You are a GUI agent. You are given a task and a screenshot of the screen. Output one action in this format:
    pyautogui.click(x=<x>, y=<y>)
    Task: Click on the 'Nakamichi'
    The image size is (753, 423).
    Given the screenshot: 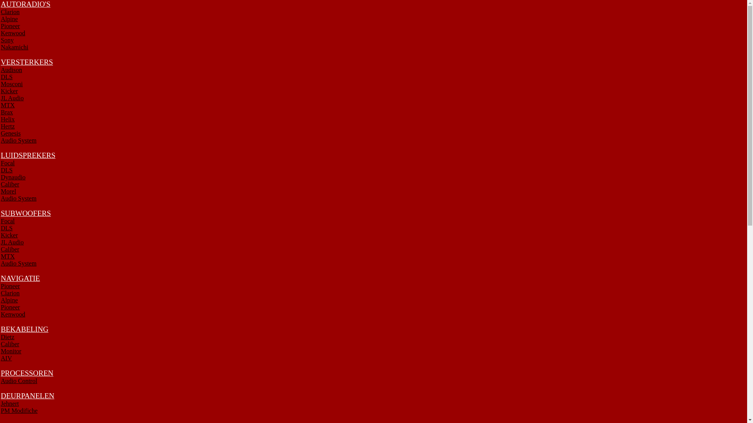 What is the action you would take?
    pyautogui.click(x=15, y=47)
    